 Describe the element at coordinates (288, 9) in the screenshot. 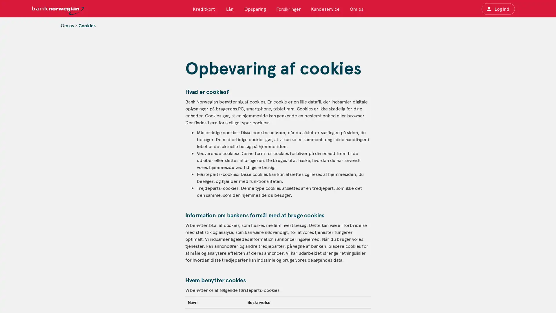

I see `Forsikringer` at that location.